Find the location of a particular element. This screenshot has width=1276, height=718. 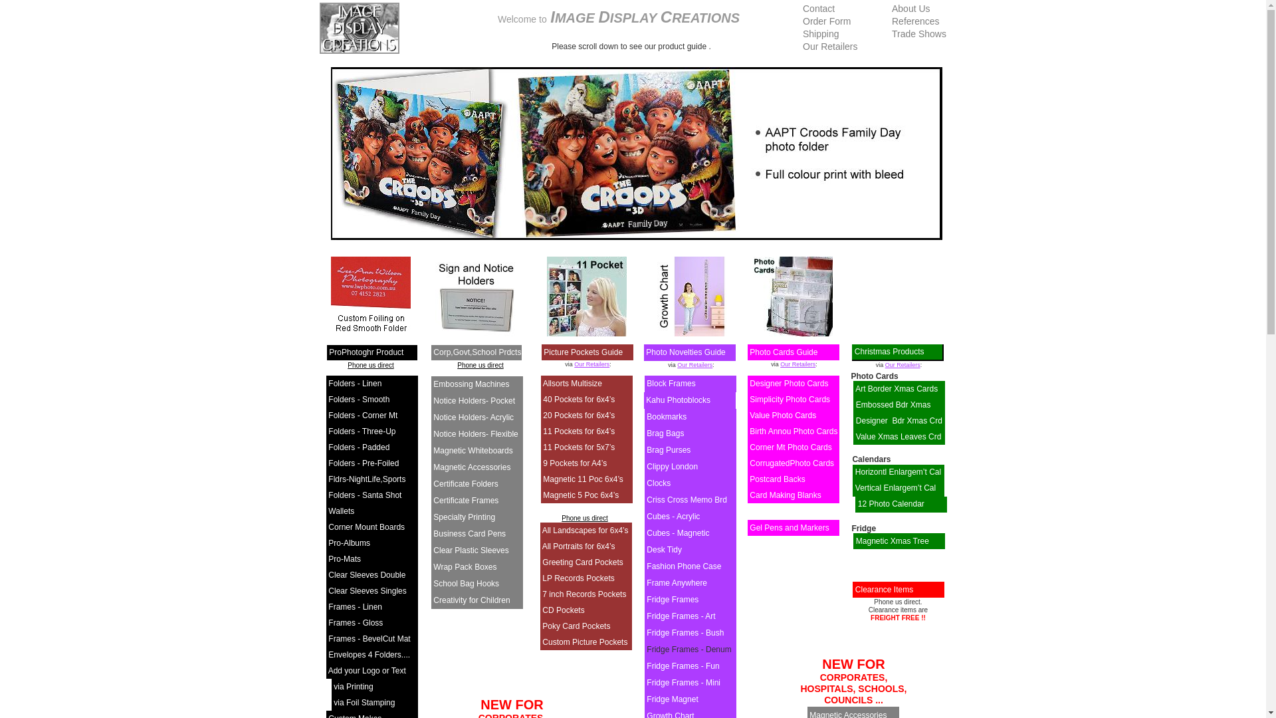

'Christmas Products' is located at coordinates (889, 350).